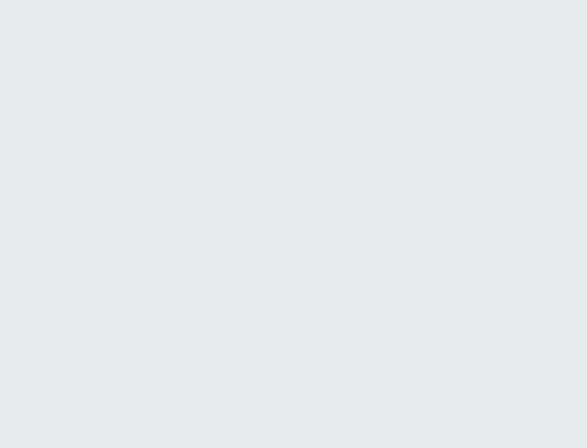 The height and width of the screenshot is (448, 587). I want to click on 'Replies', so click(485, 354).